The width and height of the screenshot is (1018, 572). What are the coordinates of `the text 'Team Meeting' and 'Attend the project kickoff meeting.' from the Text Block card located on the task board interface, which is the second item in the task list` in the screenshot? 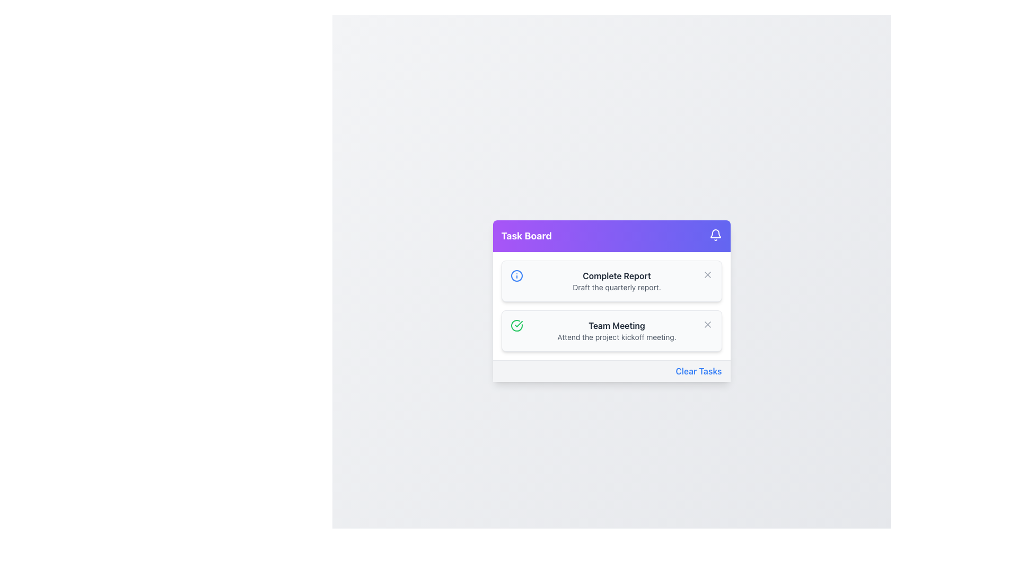 It's located at (617, 330).